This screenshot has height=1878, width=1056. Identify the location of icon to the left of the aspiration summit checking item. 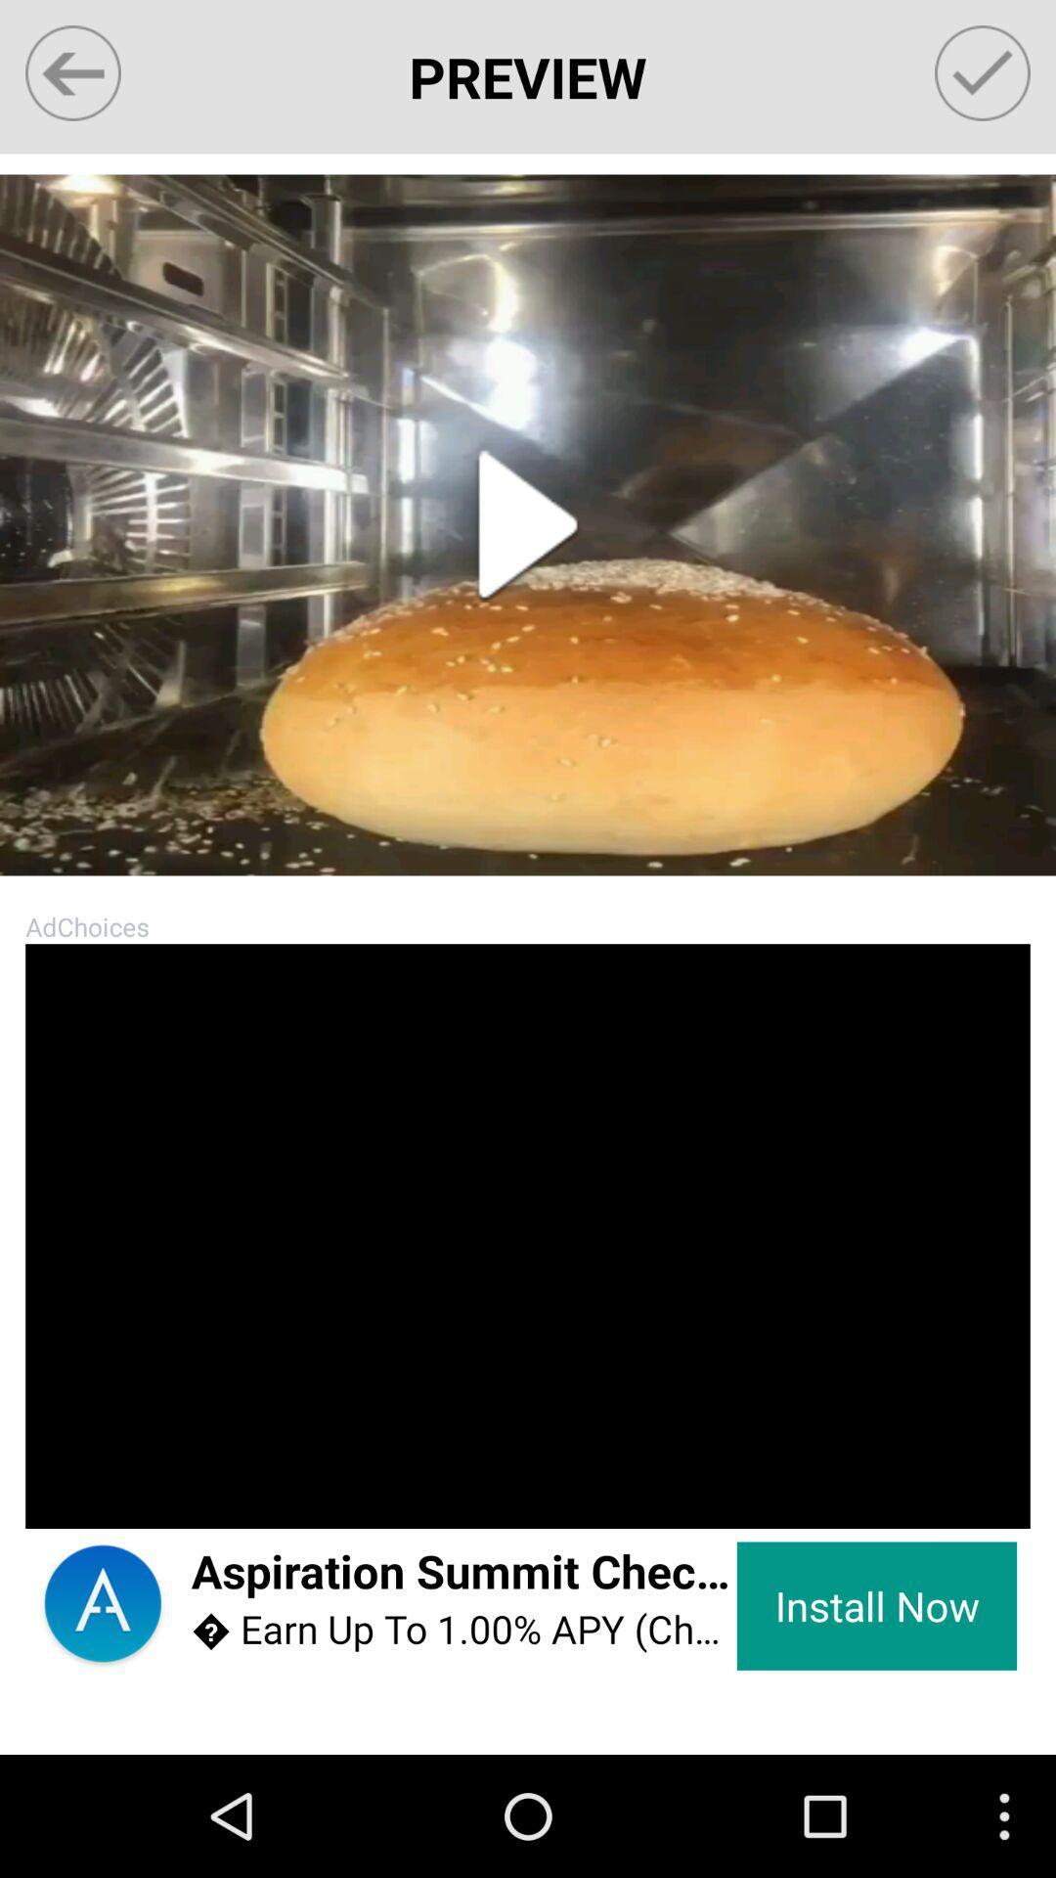
(103, 1606).